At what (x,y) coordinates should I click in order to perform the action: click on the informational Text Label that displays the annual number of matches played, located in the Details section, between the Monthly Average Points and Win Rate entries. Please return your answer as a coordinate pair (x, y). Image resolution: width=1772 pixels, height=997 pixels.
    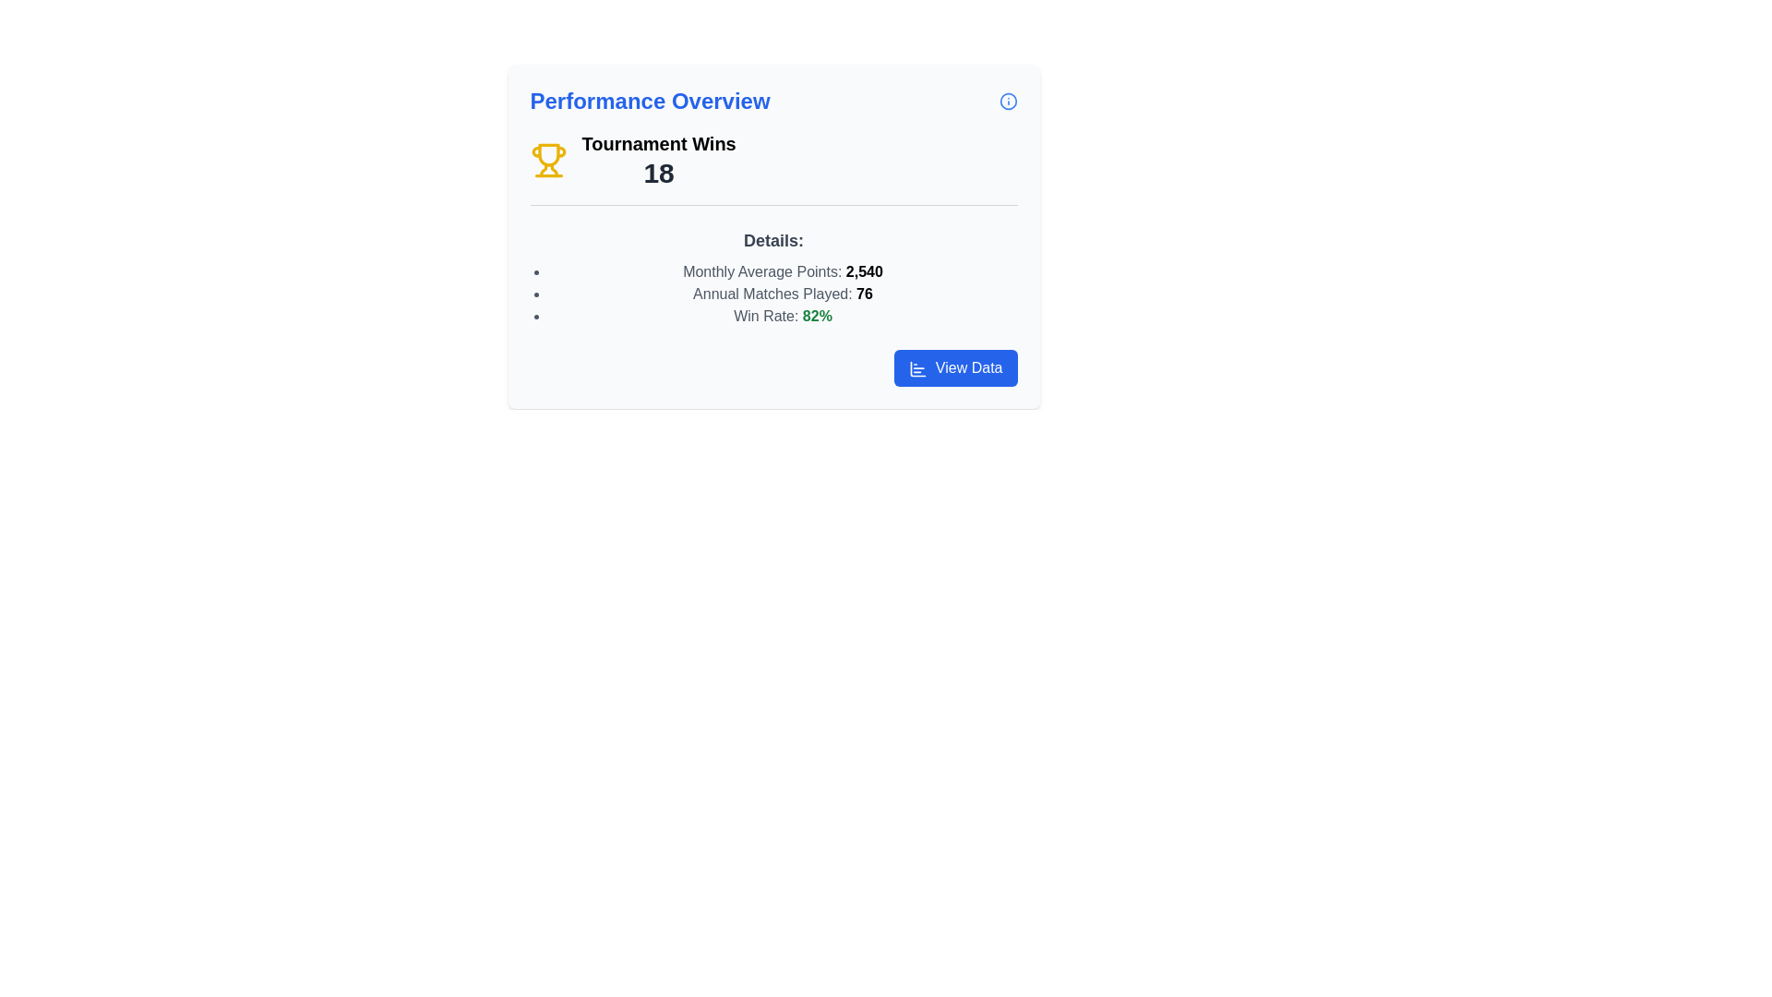
    Looking at the image, I should click on (783, 294).